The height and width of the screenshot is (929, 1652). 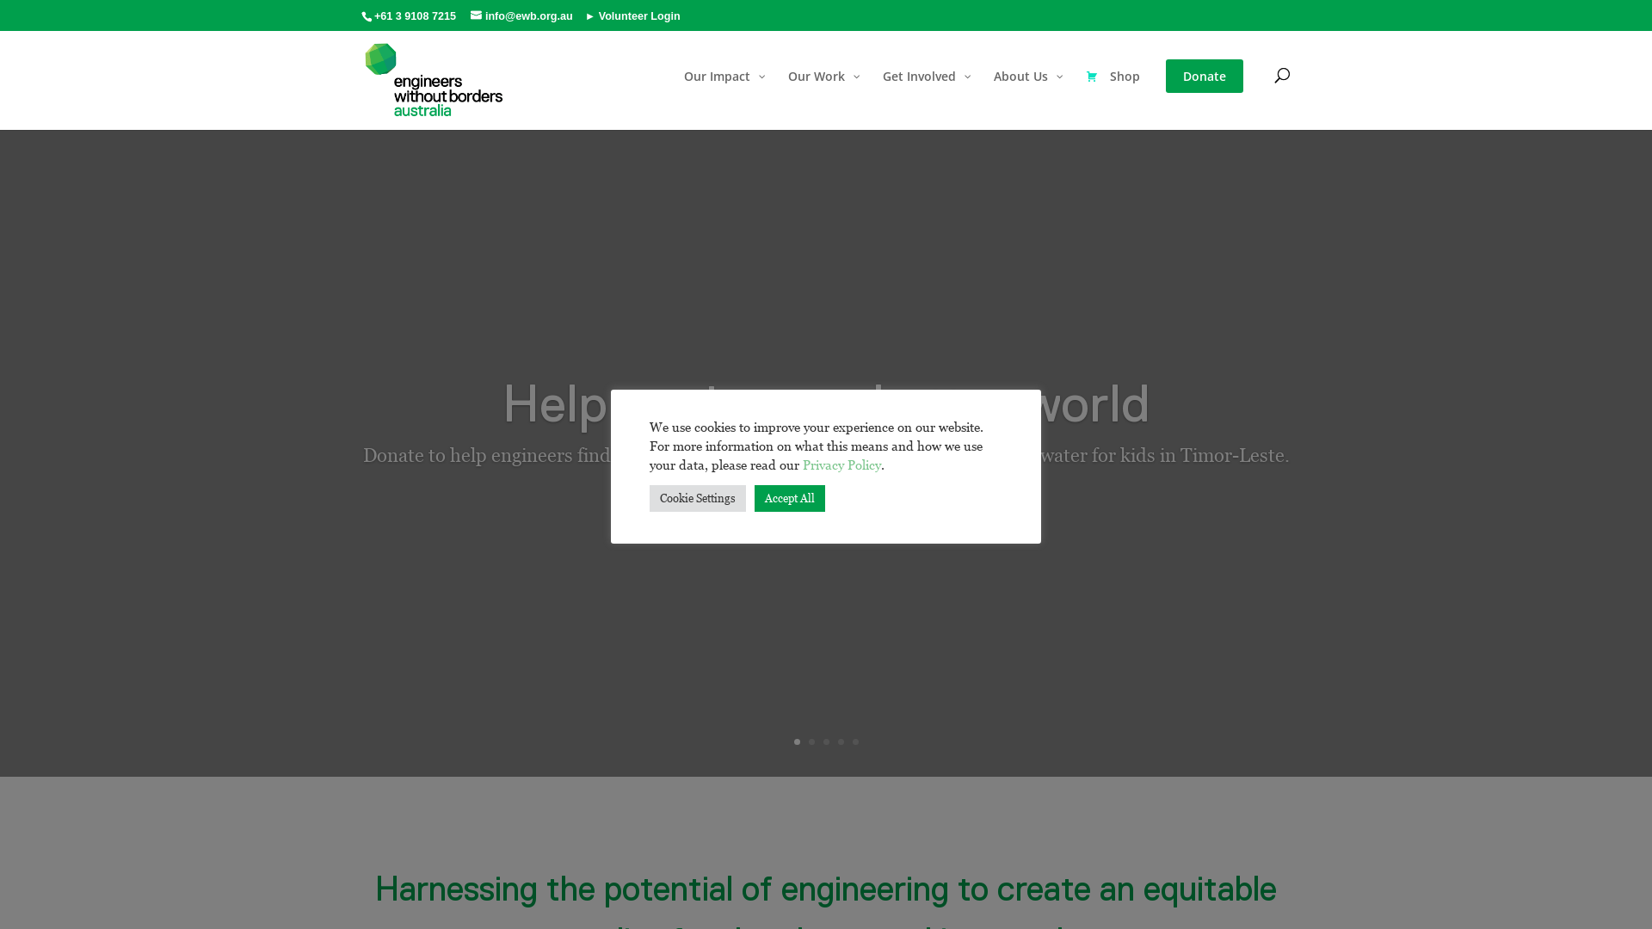 I want to click on 'info@ewb.org.au', so click(x=521, y=14).